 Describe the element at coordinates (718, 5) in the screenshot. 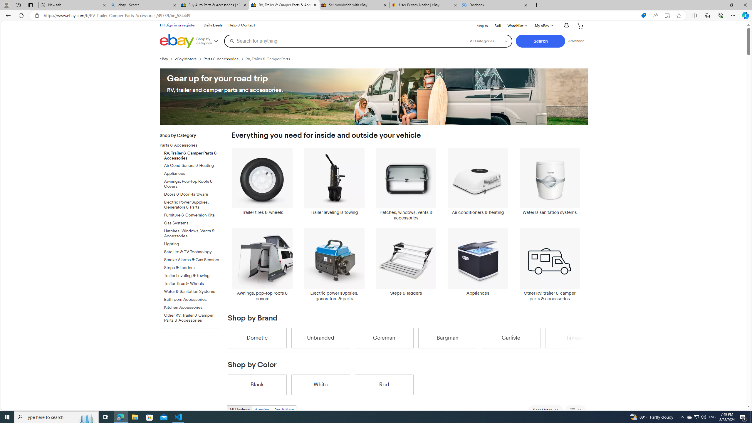

I see `'Minimize'` at that location.